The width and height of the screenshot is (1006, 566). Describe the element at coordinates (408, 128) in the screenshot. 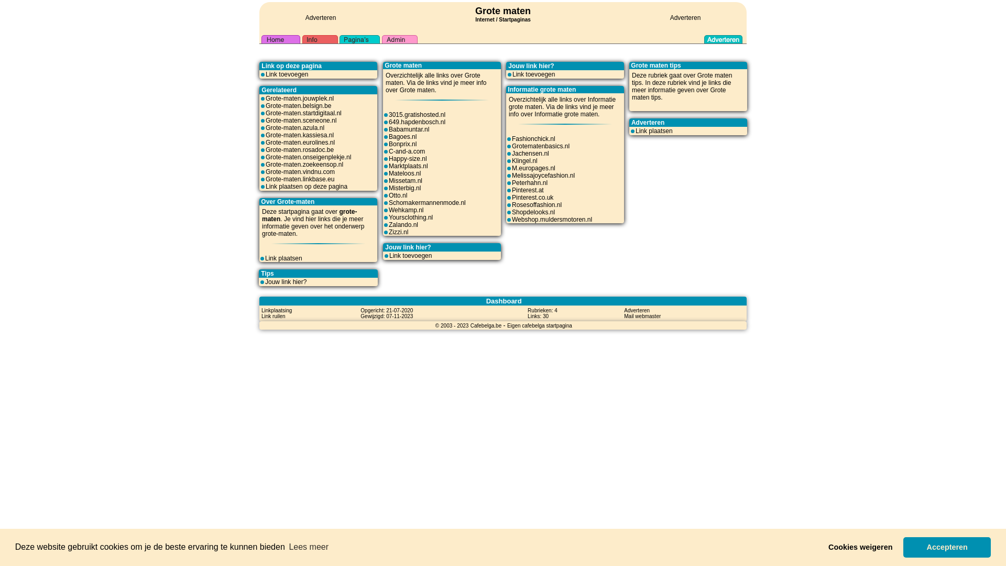

I see `'Babamuntar.nl'` at that location.